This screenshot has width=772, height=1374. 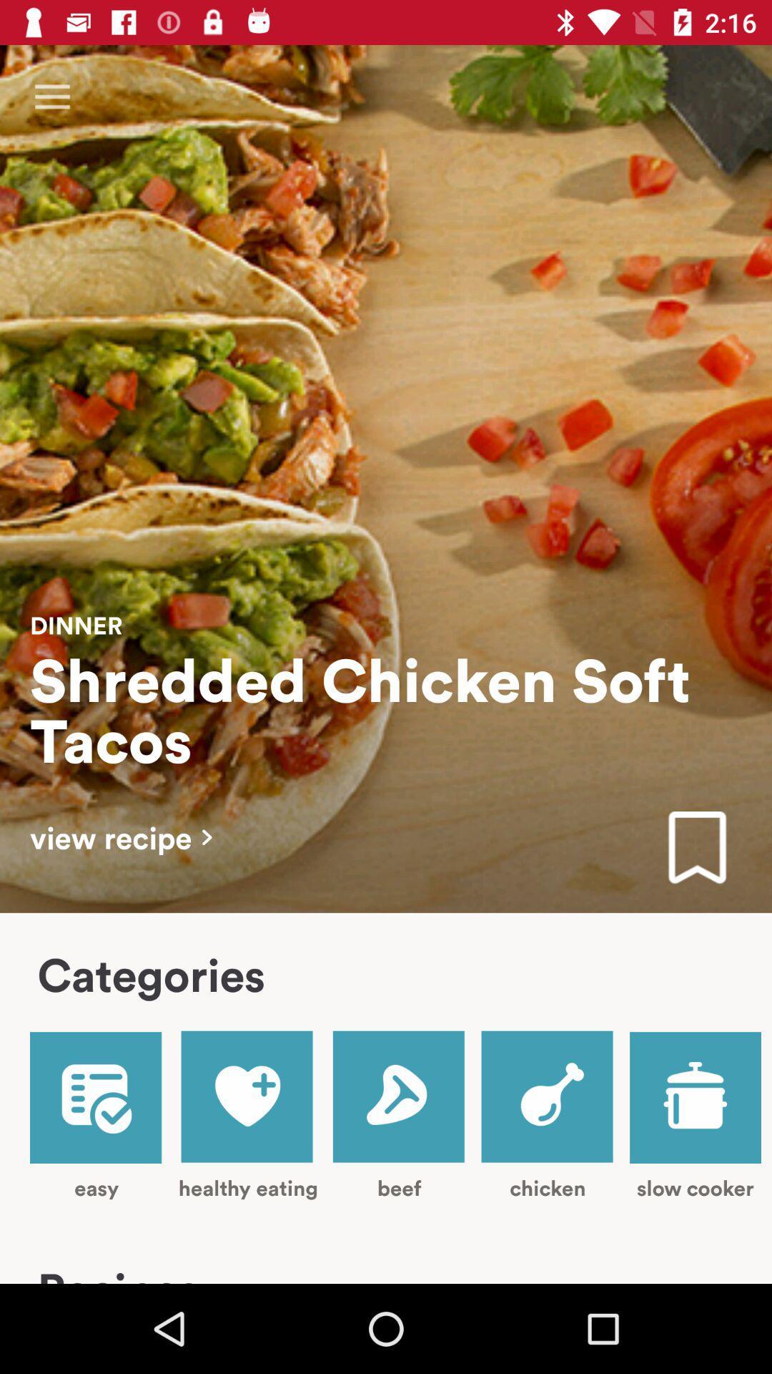 I want to click on item at the top left corner, so click(x=51, y=97).